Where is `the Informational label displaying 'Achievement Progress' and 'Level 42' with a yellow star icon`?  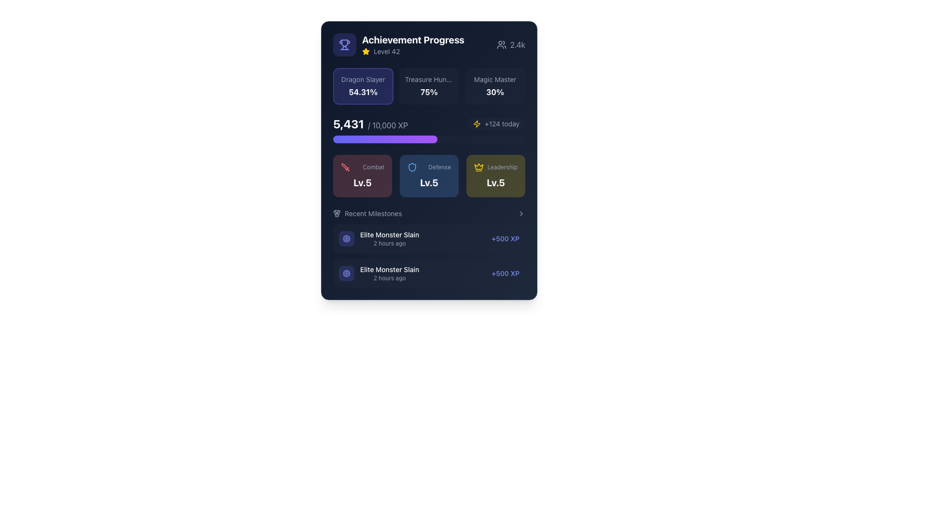 the Informational label displaying 'Achievement Progress' and 'Level 42' with a yellow star icon is located at coordinates (413, 44).